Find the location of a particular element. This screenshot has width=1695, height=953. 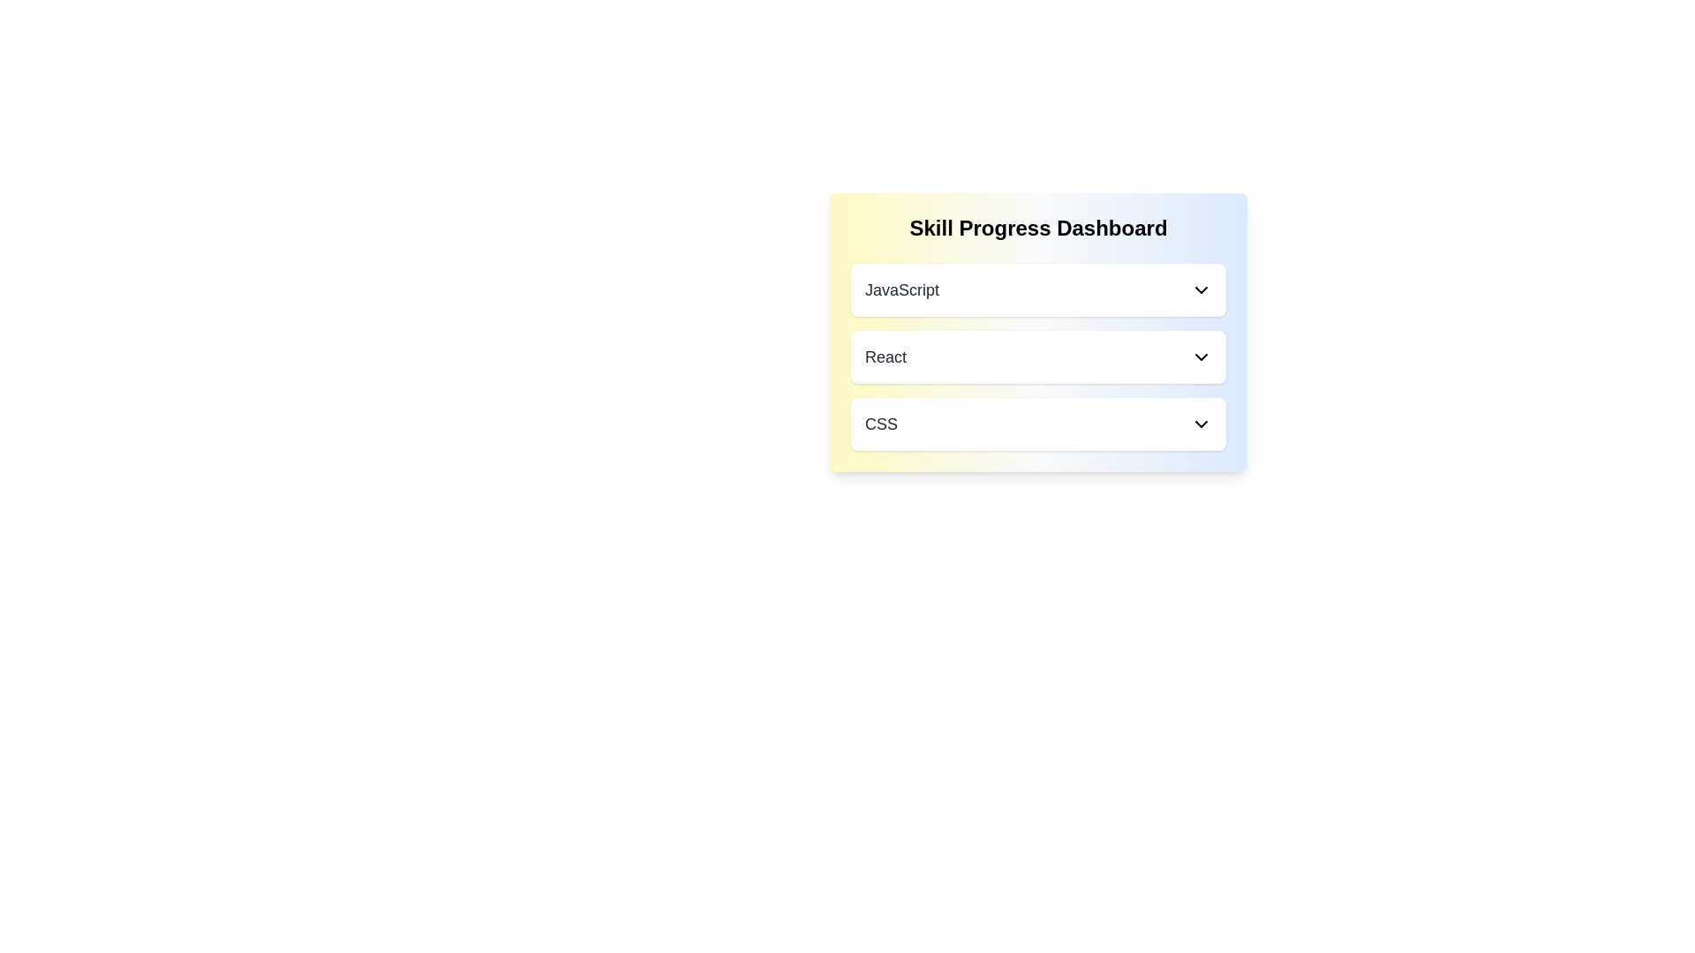

the downward-pointing chevron icon next to the 'JavaScript' text is located at coordinates (1201, 289).